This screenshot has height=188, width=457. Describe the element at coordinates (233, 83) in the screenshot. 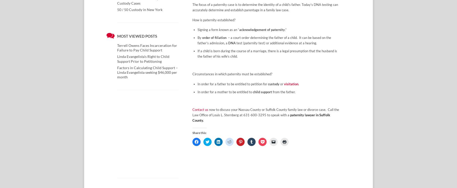

I see `'In order for a father to be entitled to petition for'` at that location.